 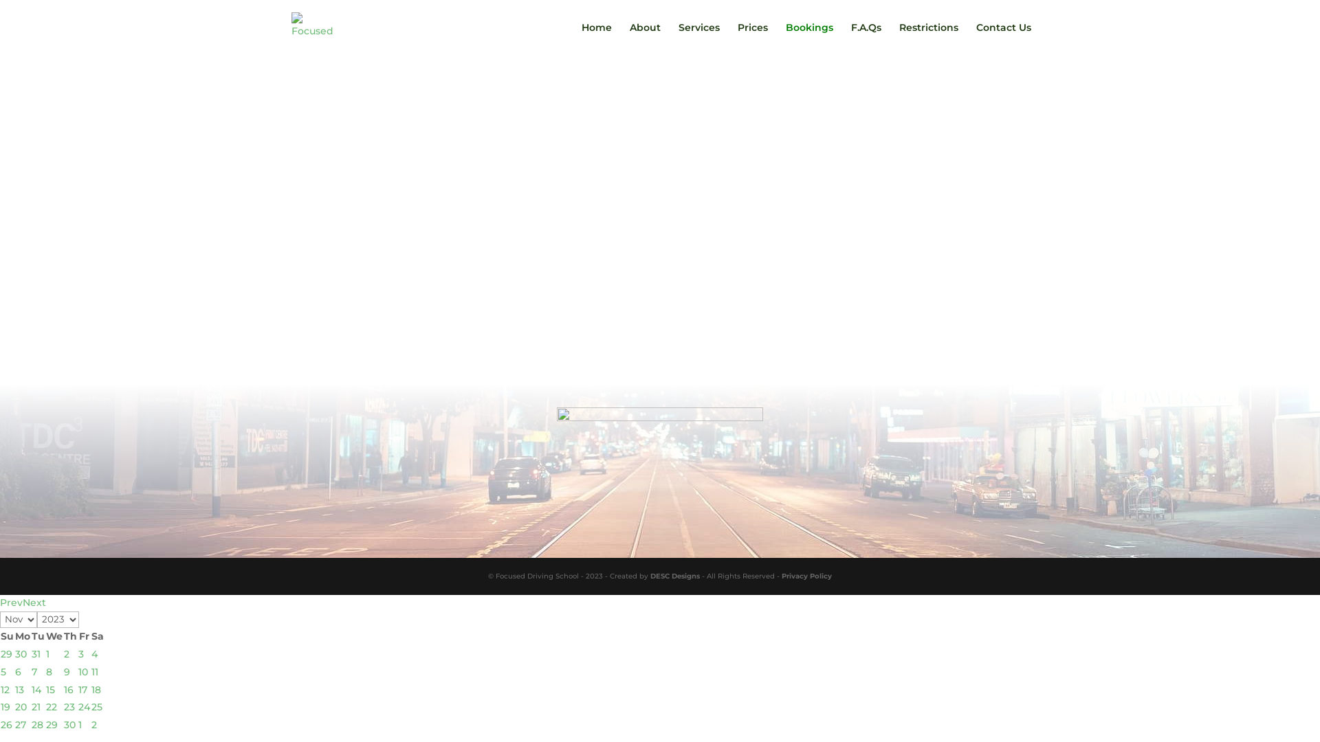 I want to click on '5', so click(x=3, y=671).